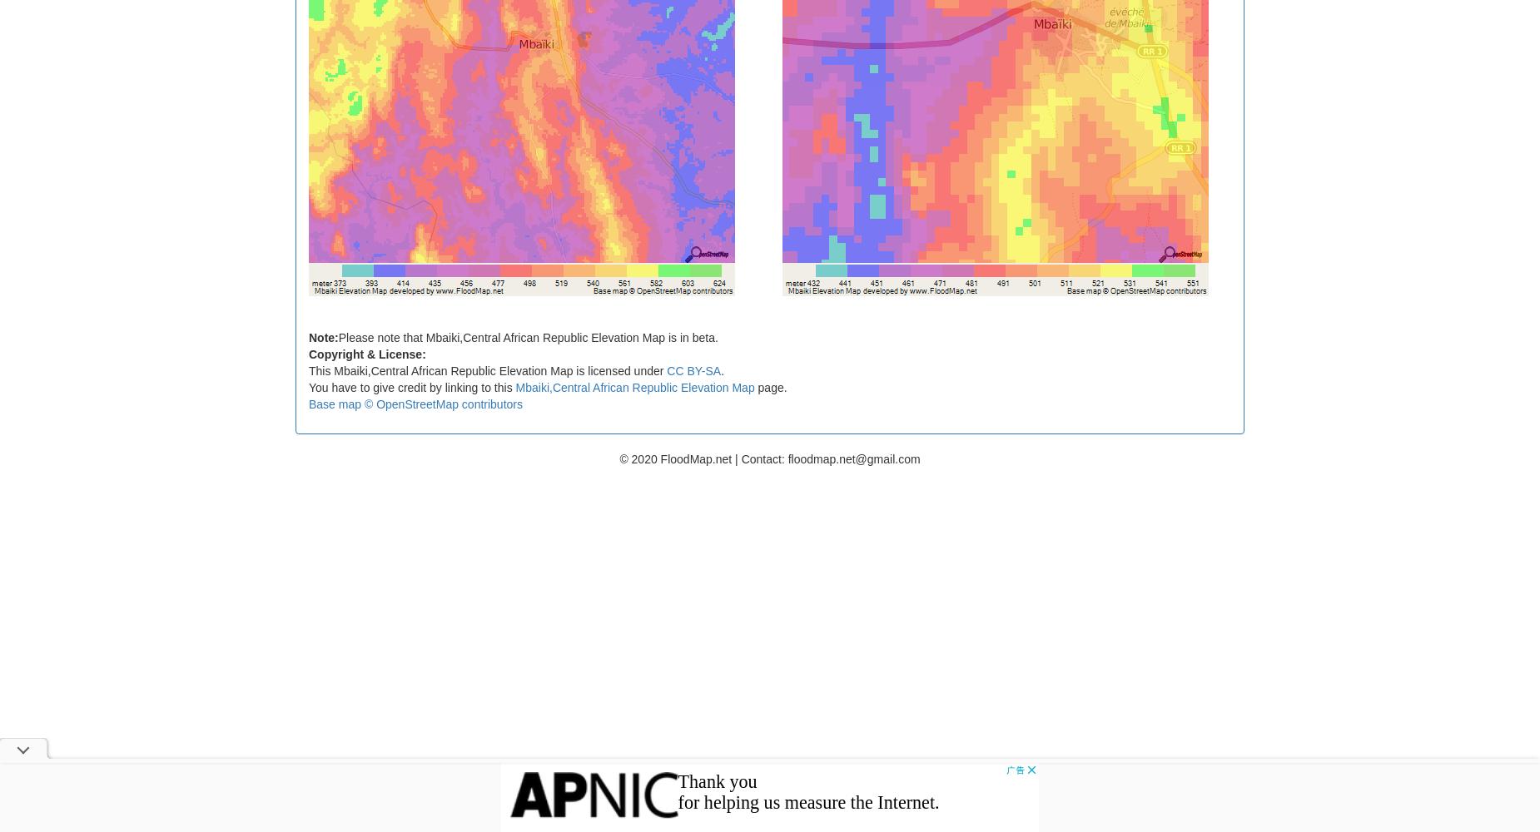 The image size is (1540, 832). Describe the element at coordinates (693, 369) in the screenshot. I see `'CC BY-SA'` at that location.